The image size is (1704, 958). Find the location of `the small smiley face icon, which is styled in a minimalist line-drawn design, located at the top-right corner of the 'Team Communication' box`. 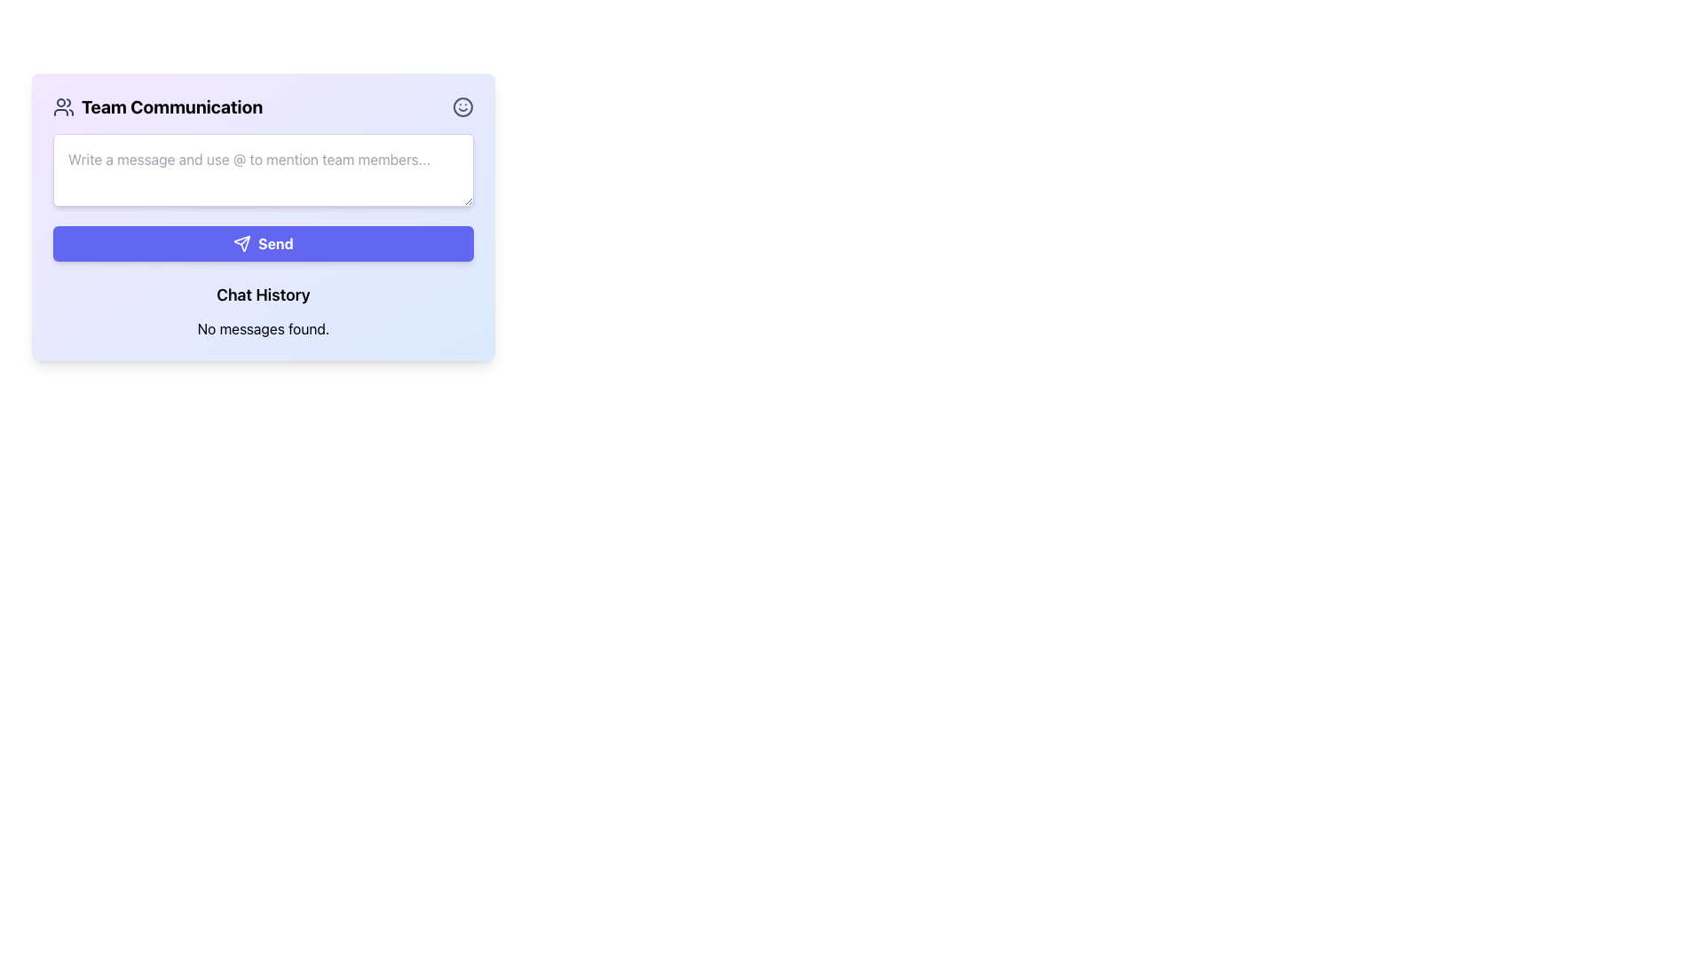

the small smiley face icon, which is styled in a minimalist line-drawn design, located at the top-right corner of the 'Team Communication' box is located at coordinates (463, 106).